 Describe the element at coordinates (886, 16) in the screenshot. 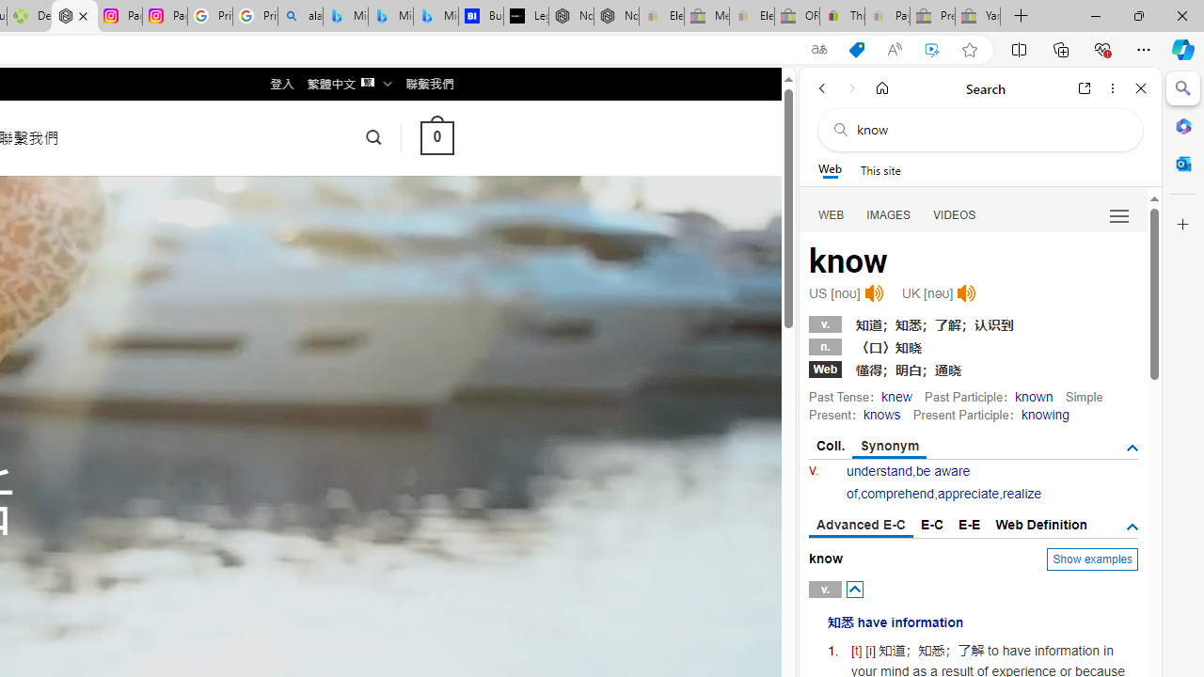

I see `'Payments Terms of Use | eBay.com - Sleeping'` at that location.